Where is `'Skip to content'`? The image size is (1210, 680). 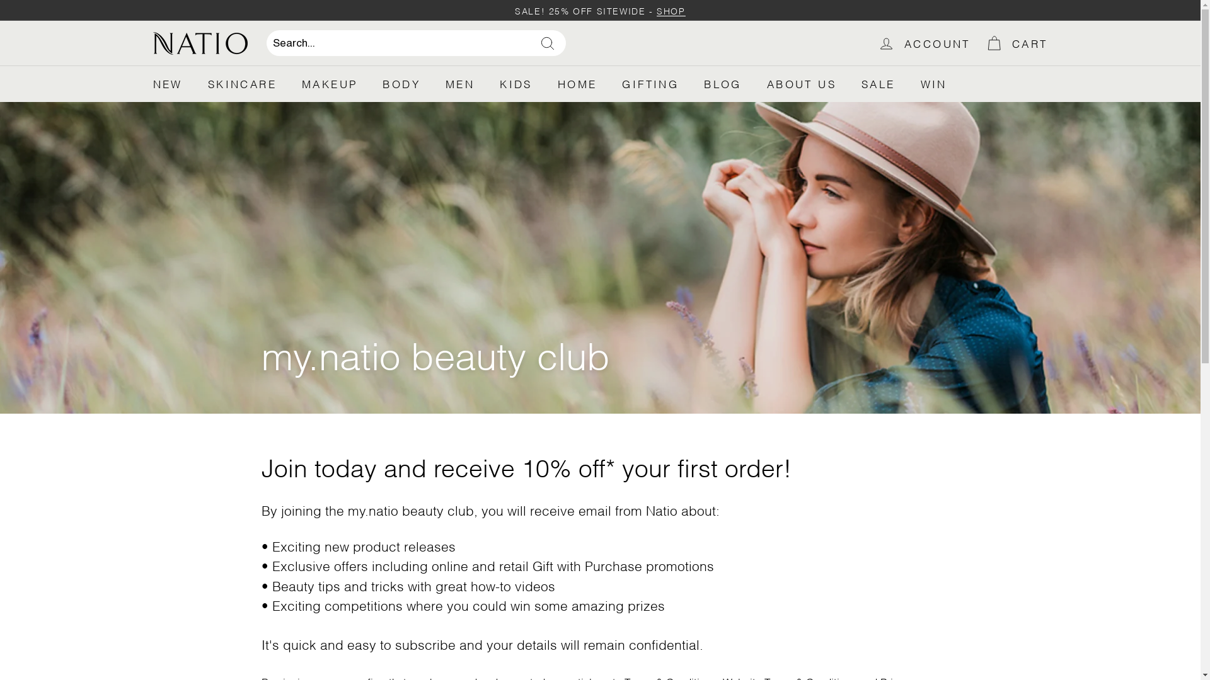 'Skip to content' is located at coordinates (0, 0).